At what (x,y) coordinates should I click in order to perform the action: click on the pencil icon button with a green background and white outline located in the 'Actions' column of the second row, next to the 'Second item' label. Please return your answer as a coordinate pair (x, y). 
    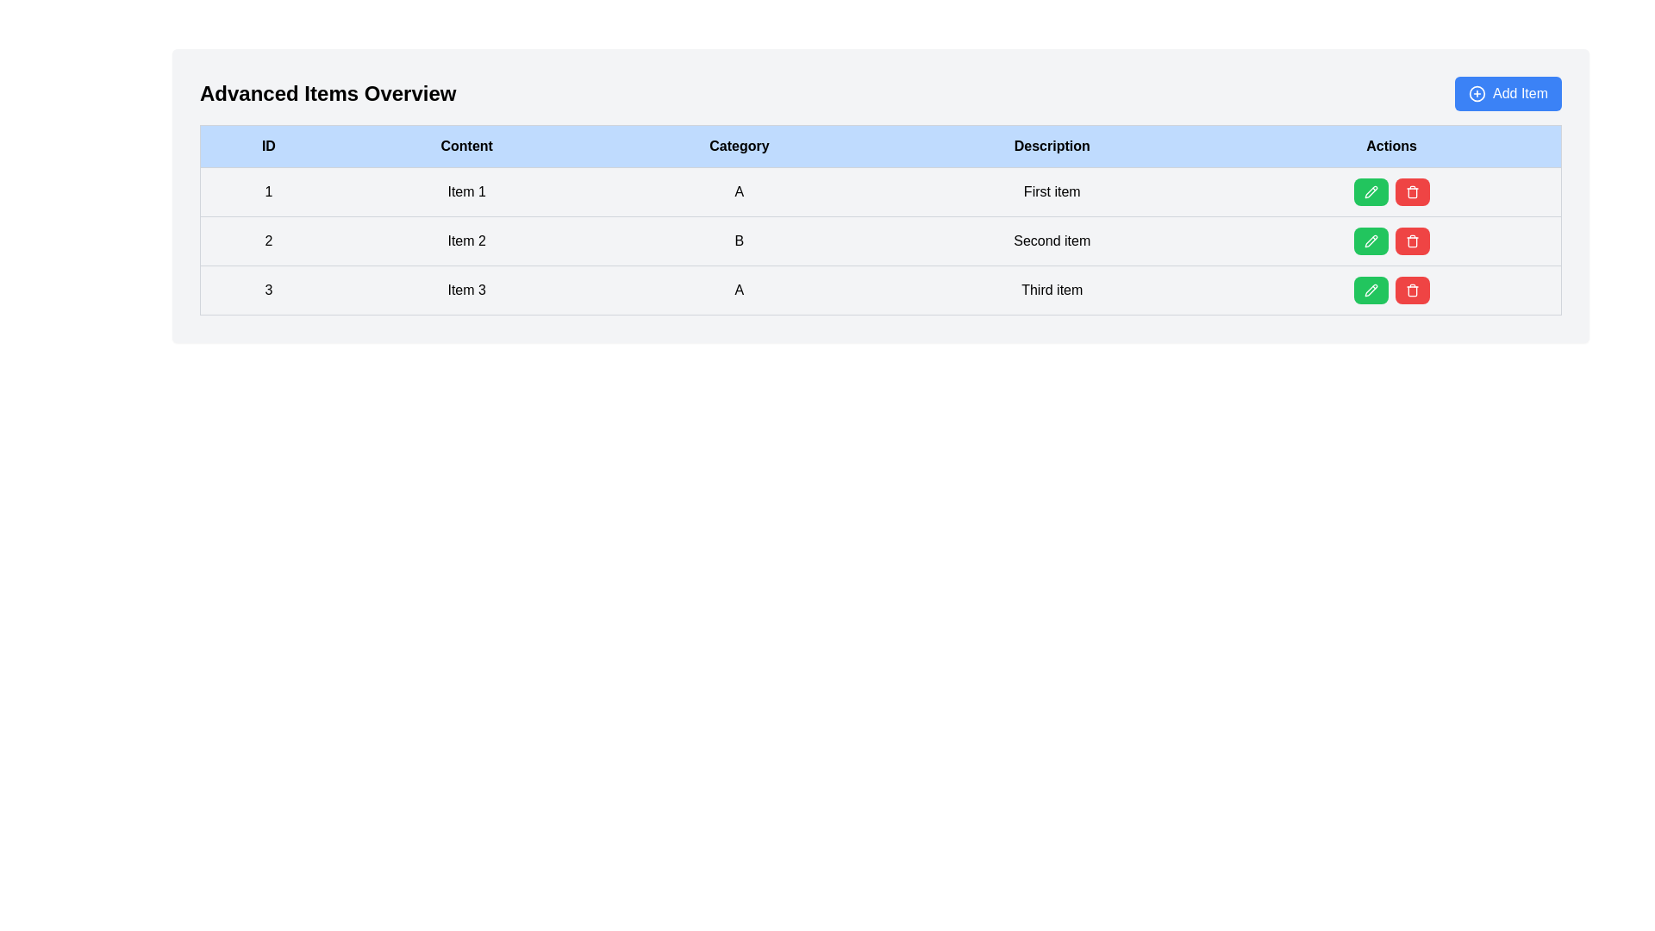
    Looking at the image, I should click on (1370, 241).